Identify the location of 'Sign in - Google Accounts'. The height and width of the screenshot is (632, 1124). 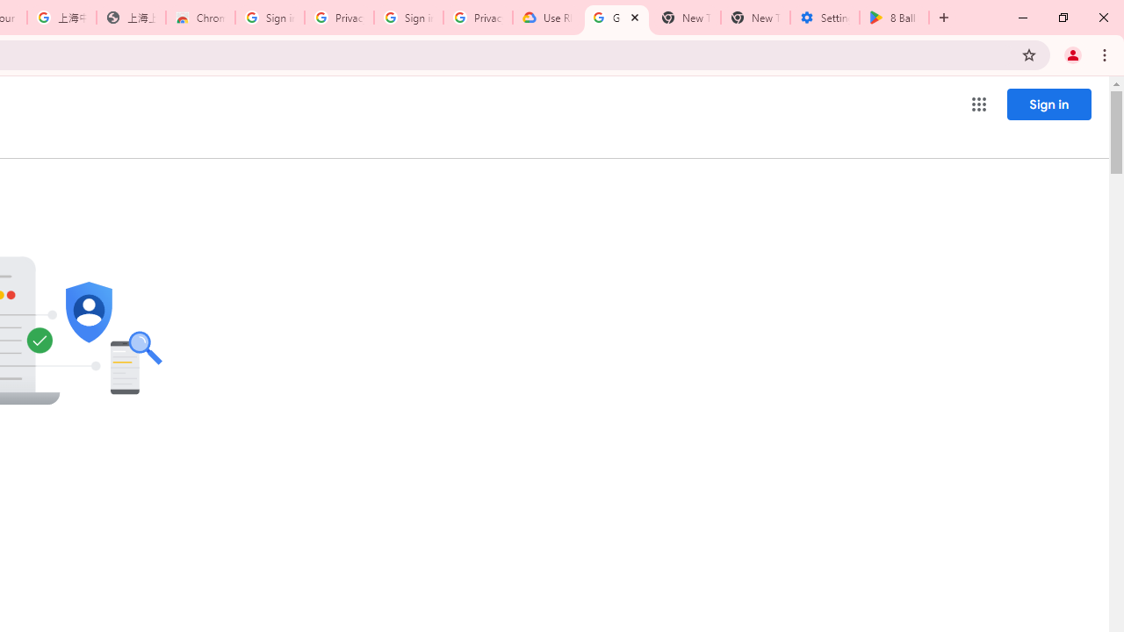
(407, 18).